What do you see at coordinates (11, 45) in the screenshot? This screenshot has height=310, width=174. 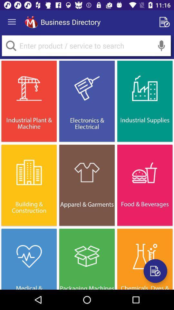 I see `the search icon` at bounding box center [11, 45].